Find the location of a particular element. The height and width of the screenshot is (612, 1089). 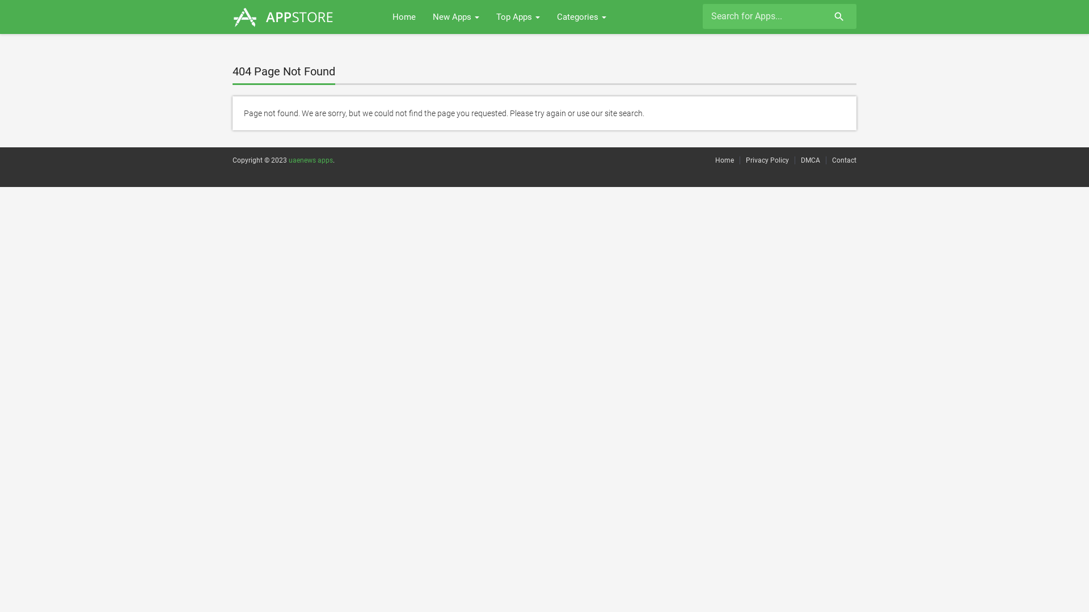

'Home' is located at coordinates (404, 17).